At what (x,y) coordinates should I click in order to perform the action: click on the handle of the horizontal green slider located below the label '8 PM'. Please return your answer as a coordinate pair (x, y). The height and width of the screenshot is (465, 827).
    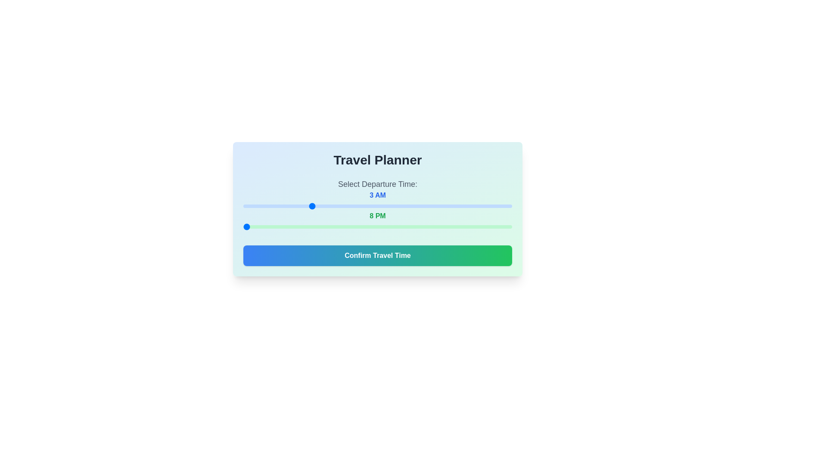
    Looking at the image, I should click on (378, 226).